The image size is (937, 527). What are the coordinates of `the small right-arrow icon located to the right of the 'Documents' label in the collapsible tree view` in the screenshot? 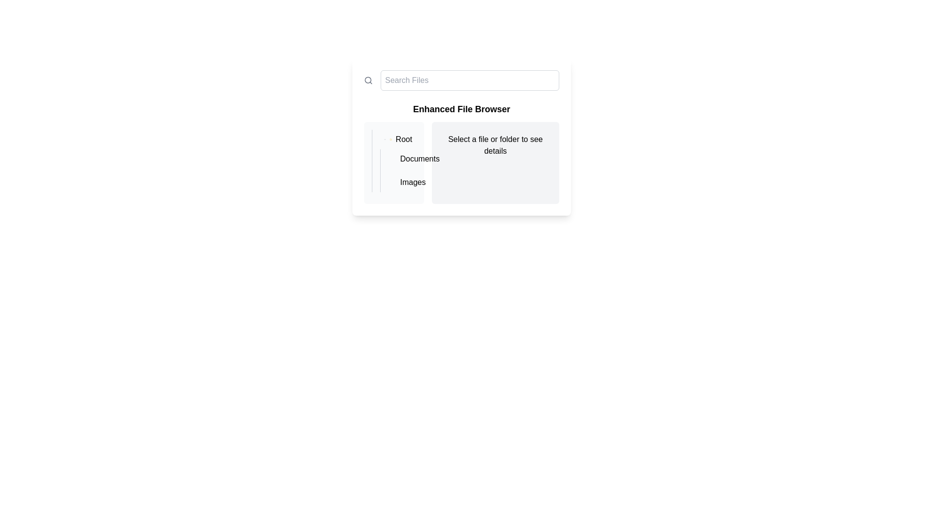 It's located at (398, 160).